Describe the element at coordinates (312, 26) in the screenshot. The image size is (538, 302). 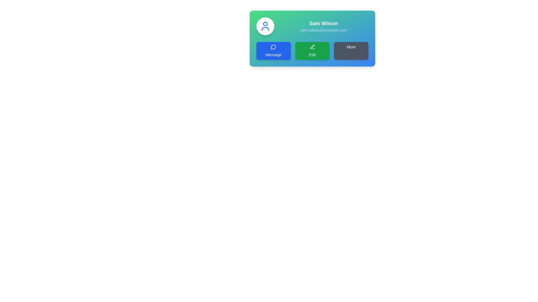
I see `the text display element that shows the user's name and contact email` at that location.